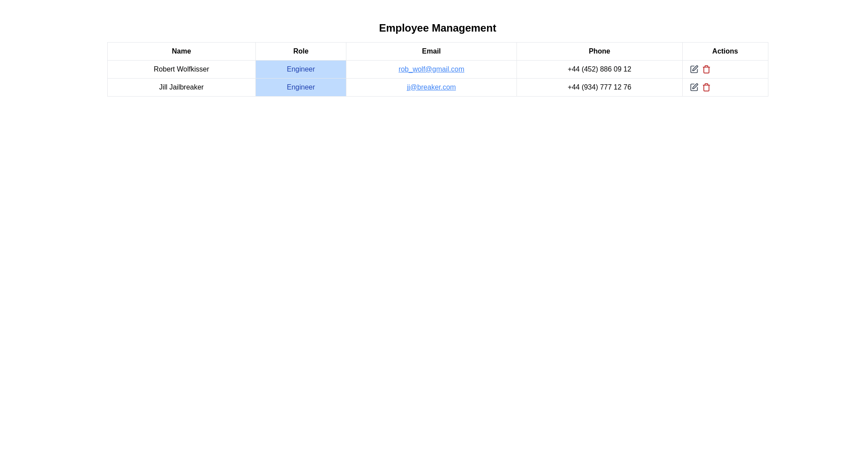 This screenshot has height=474, width=844. Describe the element at coordinates (181, 87) in the screenshot. I see `the text label containing 'Jill Jailbreaker' in the employee management table located in the second row under the 'Name' column` at that location.